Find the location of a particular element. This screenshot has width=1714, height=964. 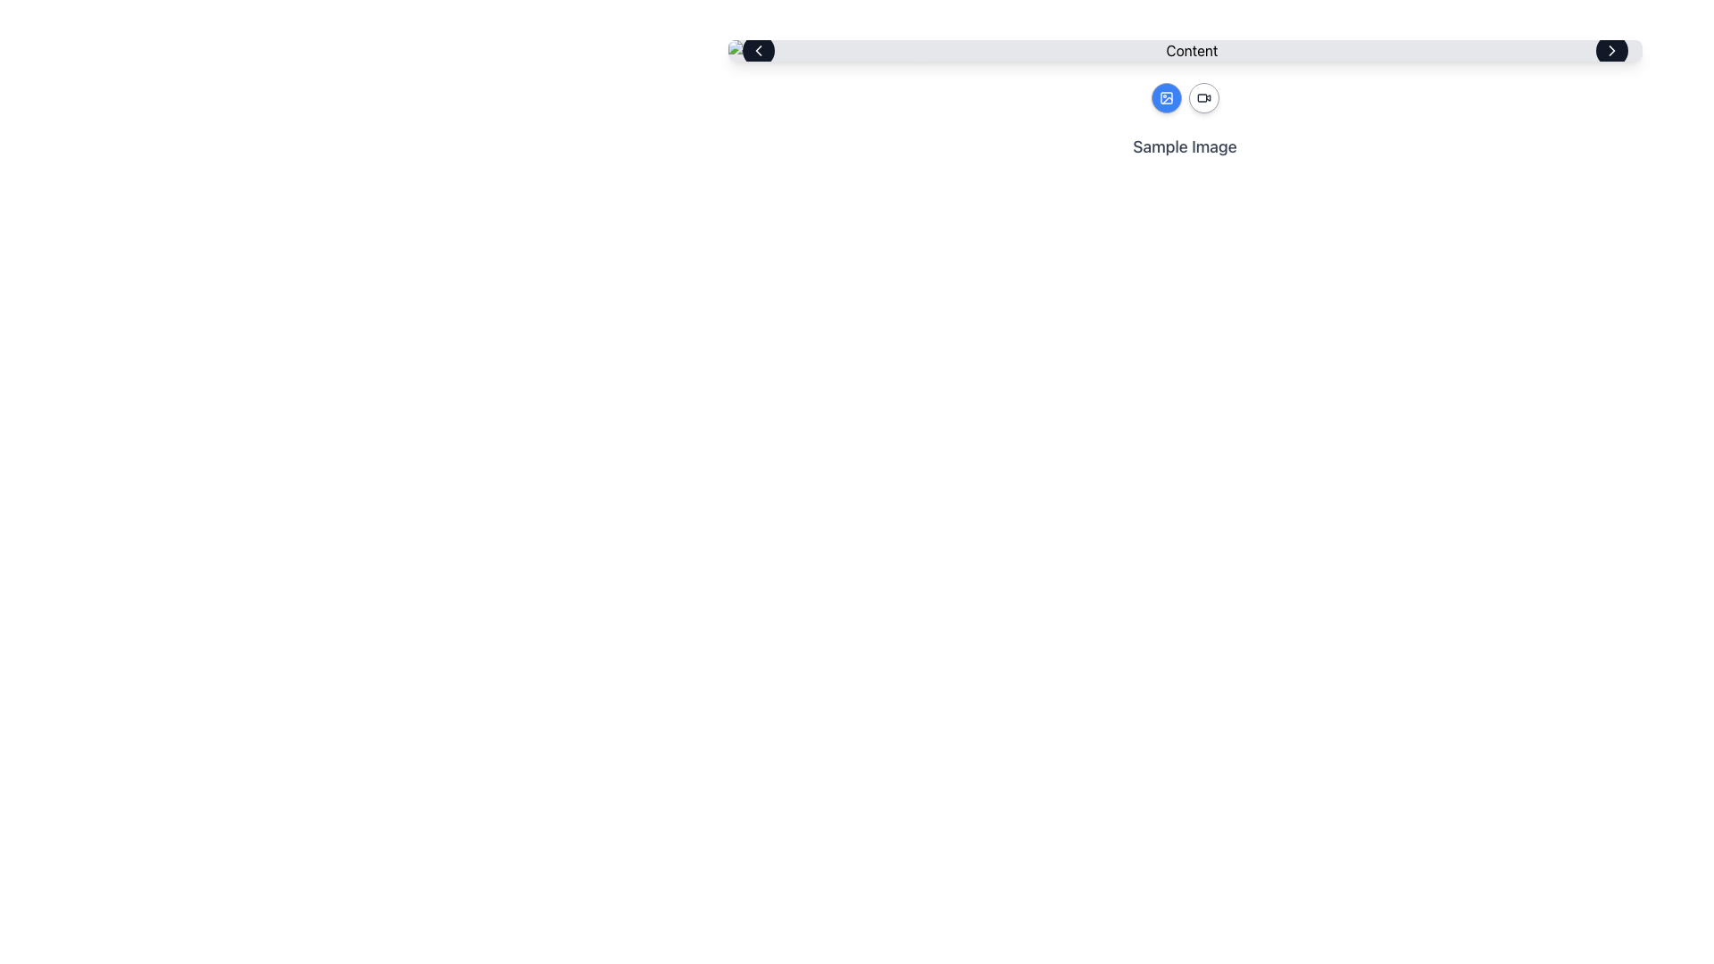

the right-facing chevron icon within the black circular button is located at coordinates (1611, 50).